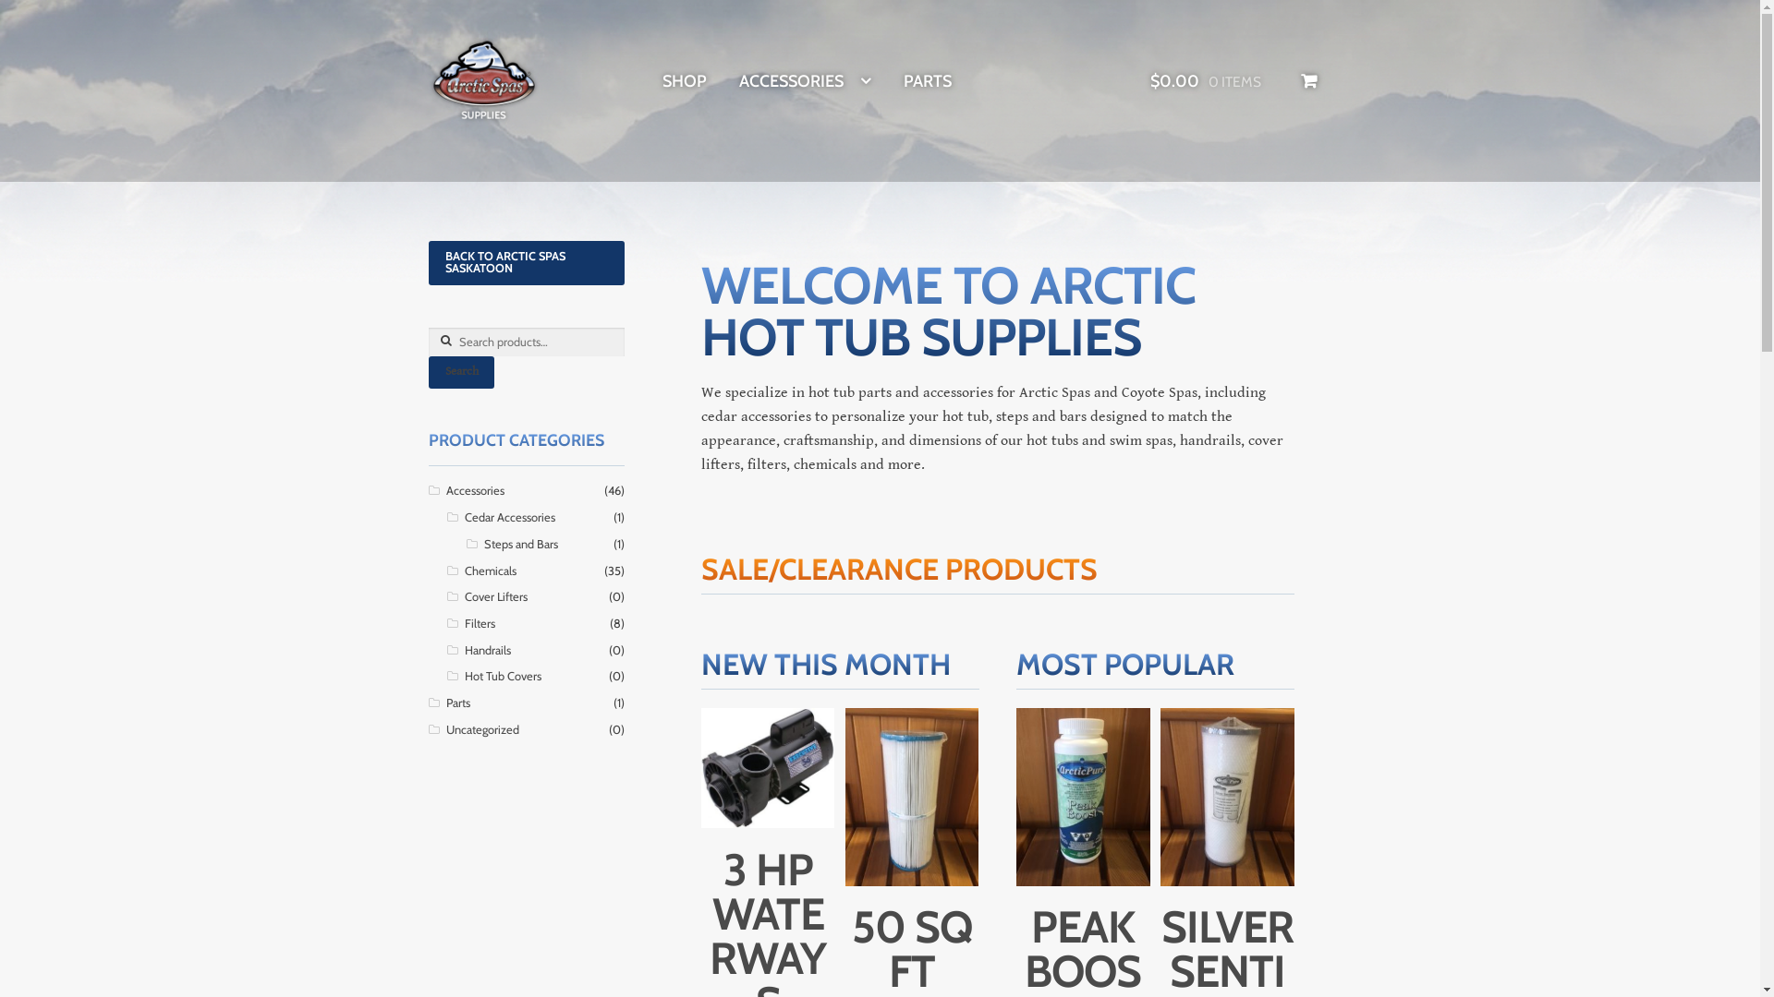 This screenshot has width=1774, height=997. What do you see at coordinates (465, 676) in the screenshot?
I see `'Hot Tub Covers'` at bounding box center [465, 676].